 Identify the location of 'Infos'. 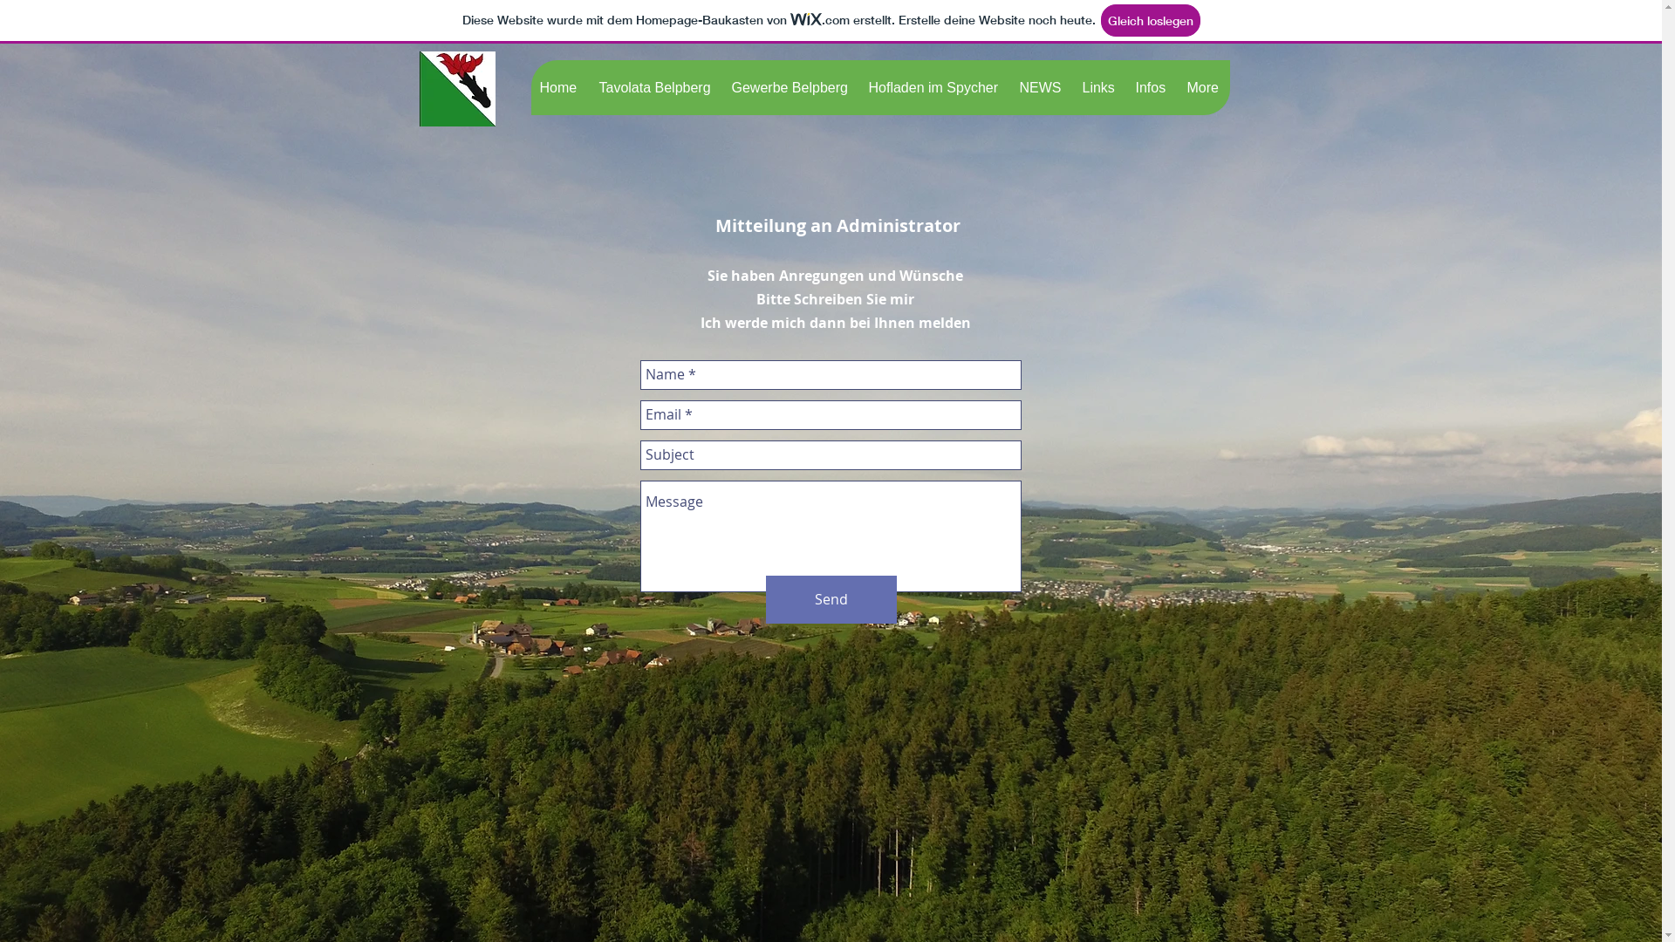
(1151, 87).